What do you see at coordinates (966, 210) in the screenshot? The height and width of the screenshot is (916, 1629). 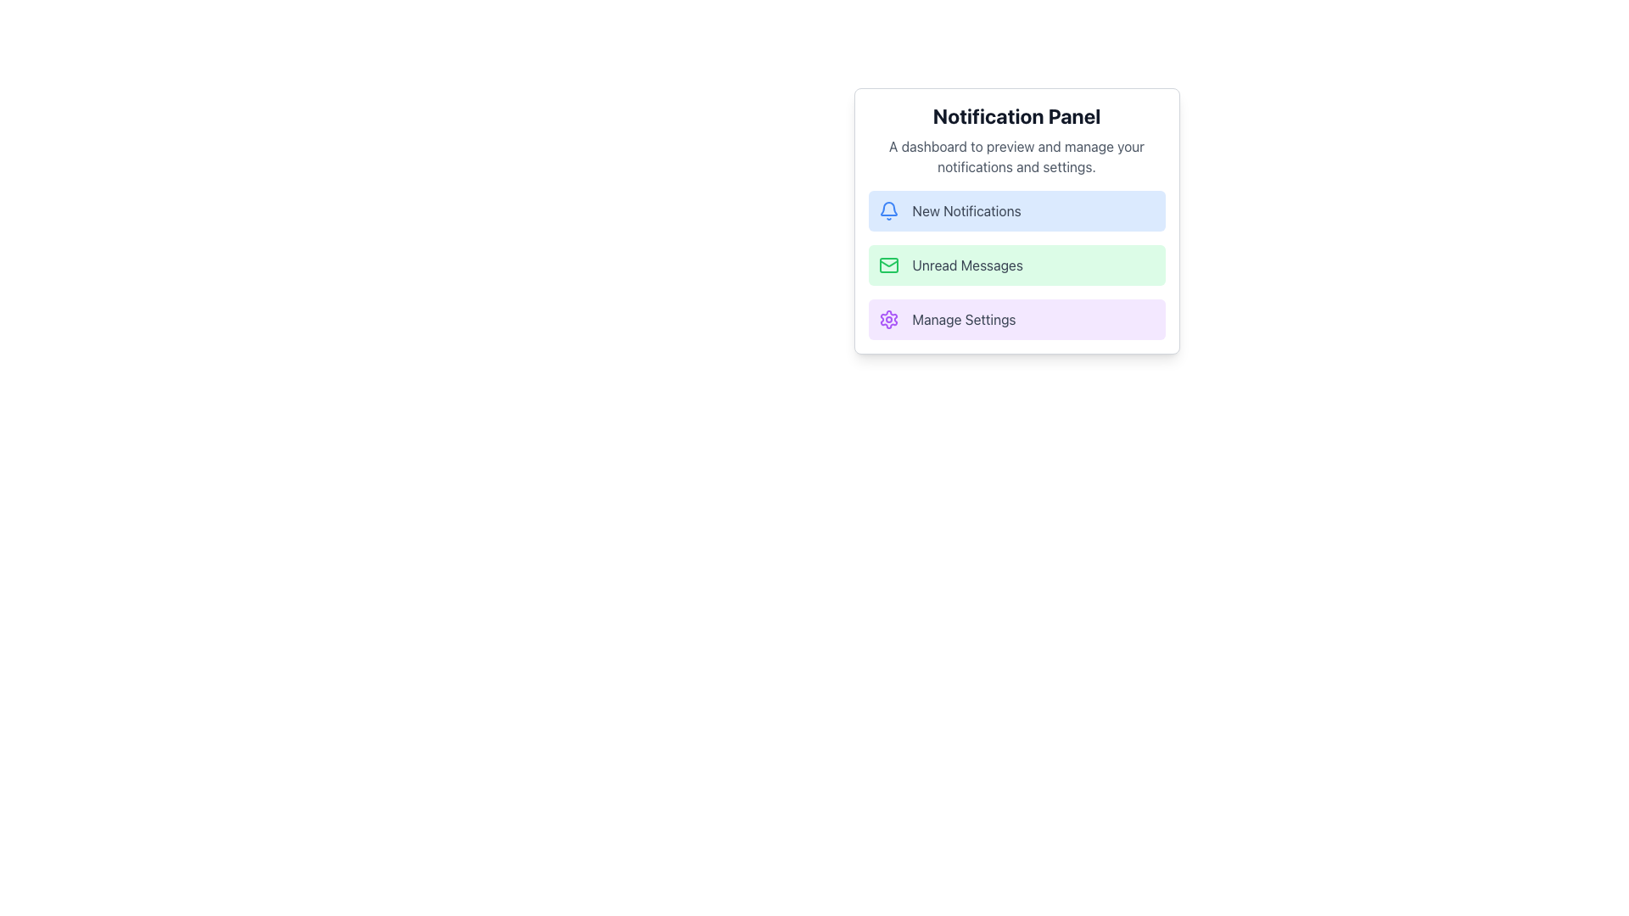 I see `the 'New Notifications' text label, which is located to the right of a bell icon inside a light blue rectangular box` at bounding box center [966, 210].